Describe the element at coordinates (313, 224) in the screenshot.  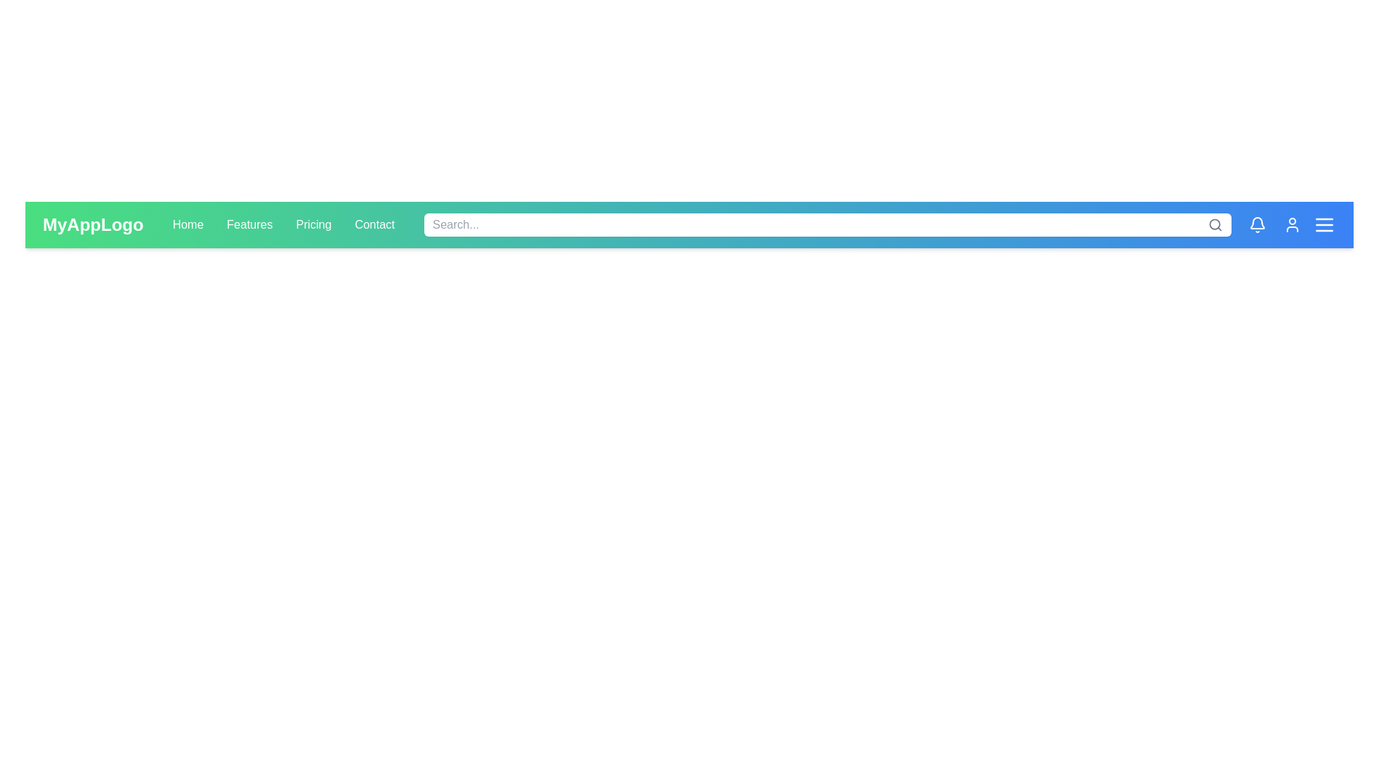
I see `the 'Pricing' hyperlink in the navigation menu` at that location.